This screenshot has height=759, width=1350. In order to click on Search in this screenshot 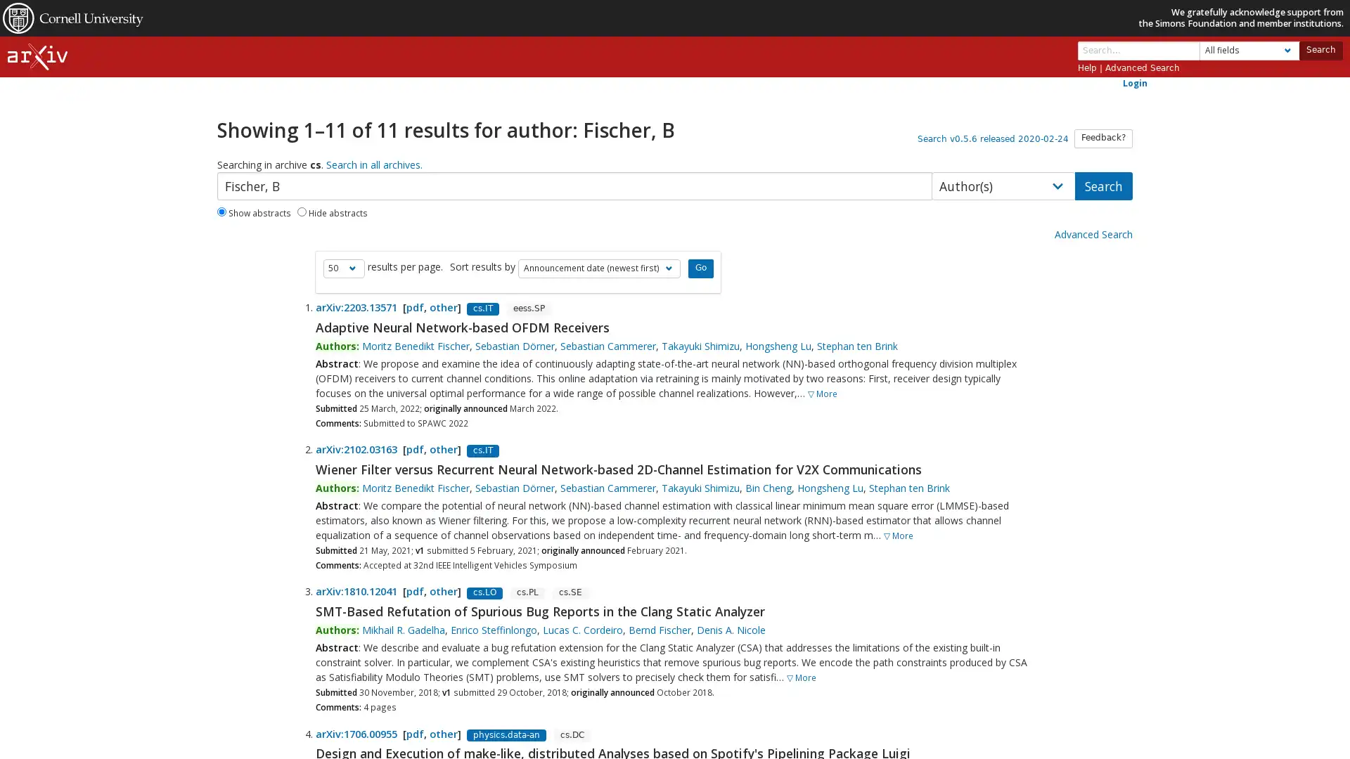, I will do `click(1102, 185)`.